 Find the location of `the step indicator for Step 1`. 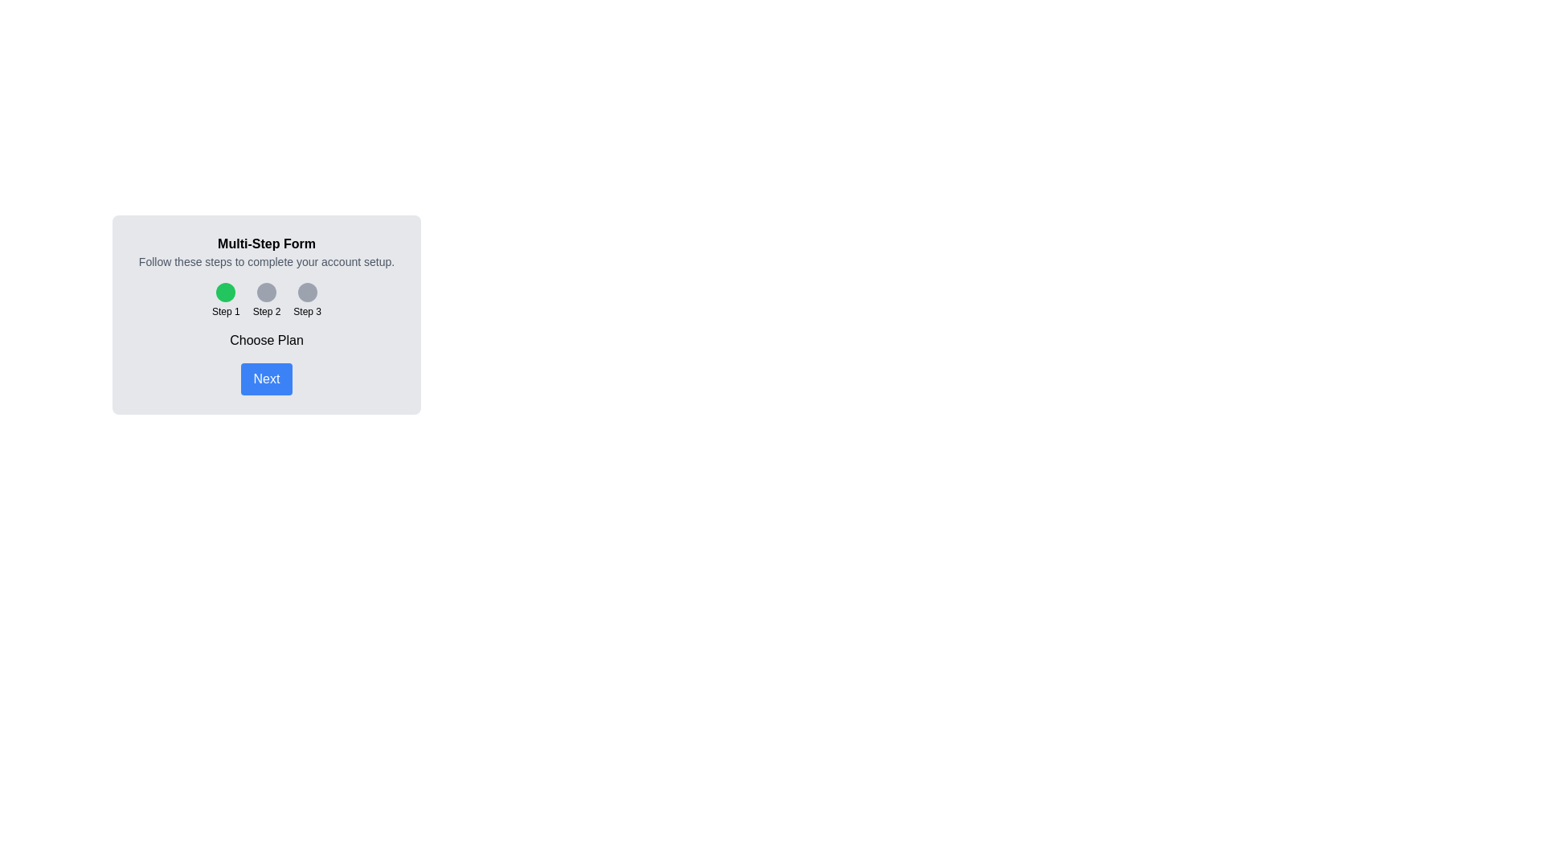

the step indicator for Step 1 is located at coordinates (225, 292).